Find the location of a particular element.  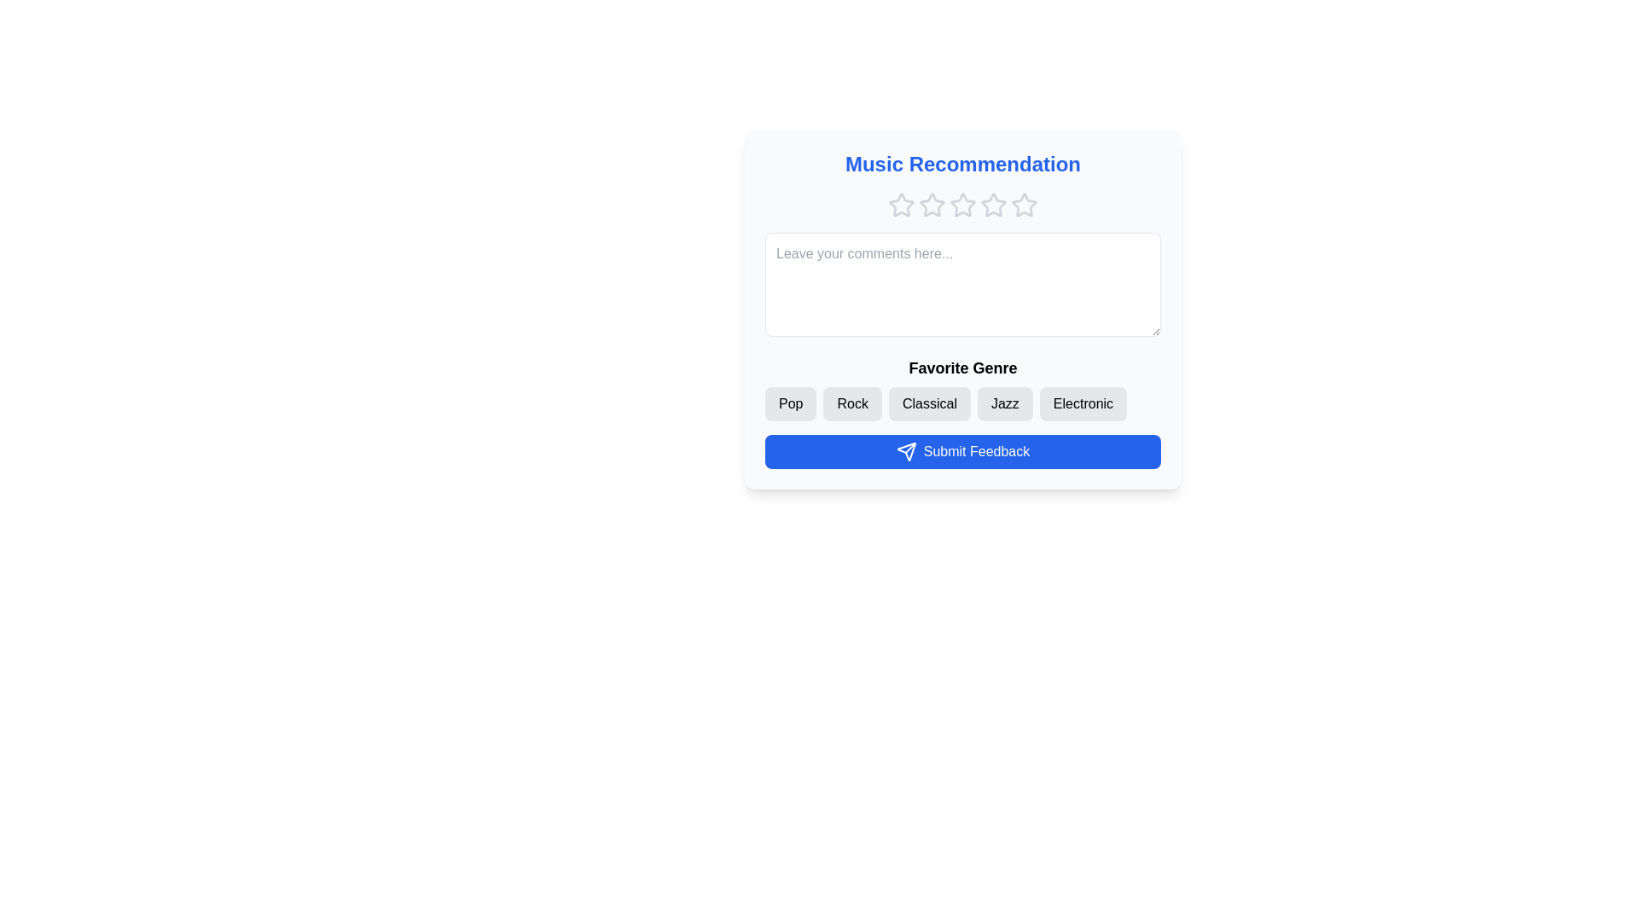

the first star icon in the 5-star rating system to rate it is located at coordinates (900, 203).